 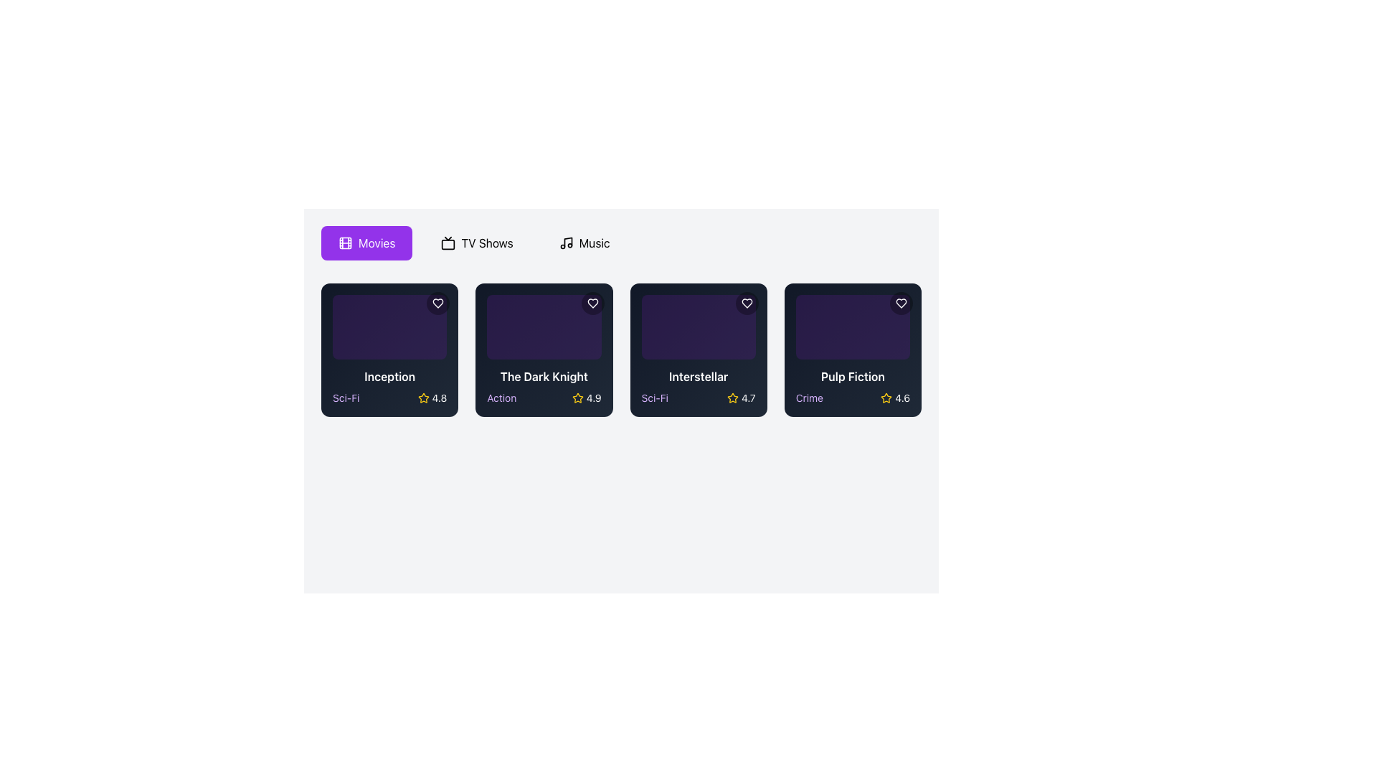 I want to click on the star icon representing a rating next to the text '4.6' on the 'Pulp Fiction' card in the bottom right of the fourth column, so click(x=886, y=398).